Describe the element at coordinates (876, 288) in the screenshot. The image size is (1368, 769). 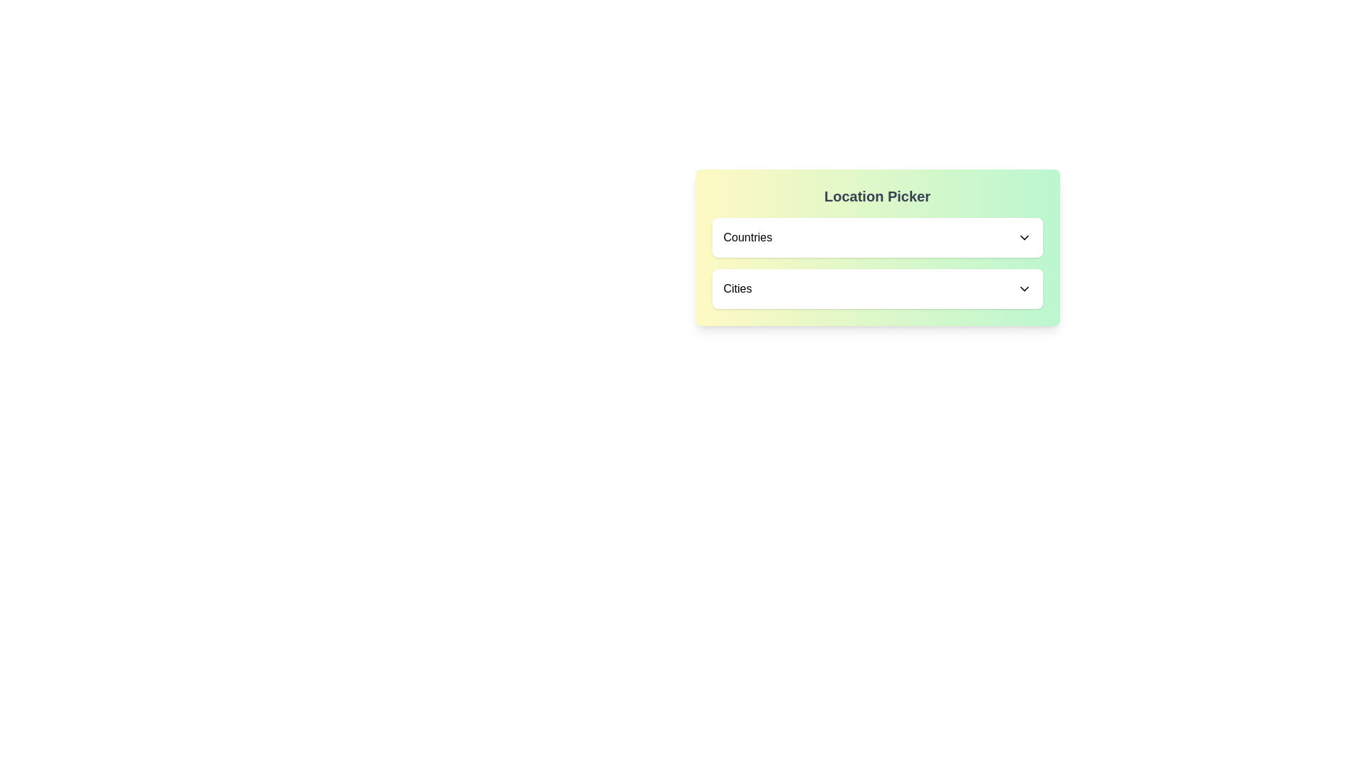
I see `the 'Cities' dropdown menu element` at that location.